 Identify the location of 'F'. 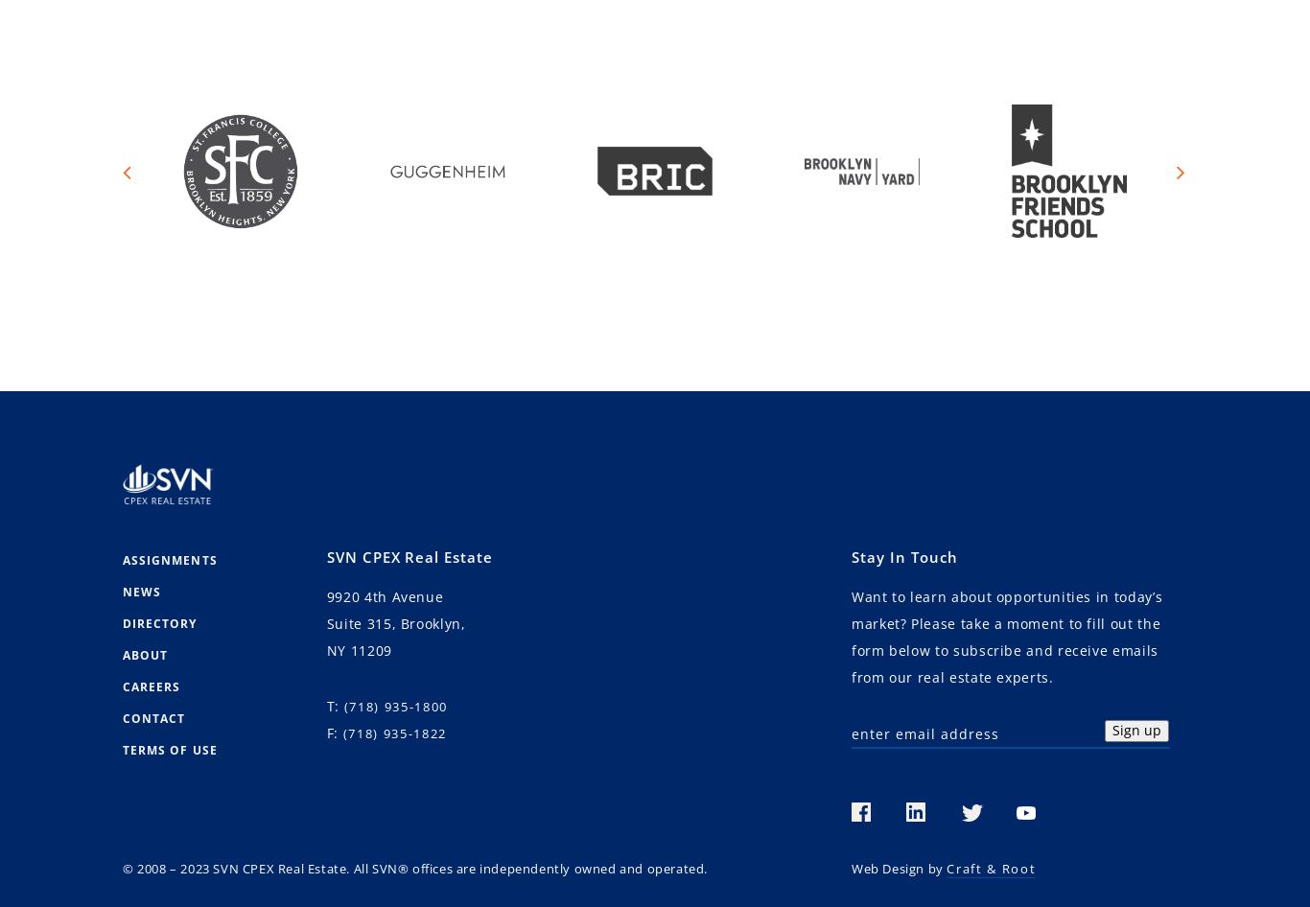
(328, 732).